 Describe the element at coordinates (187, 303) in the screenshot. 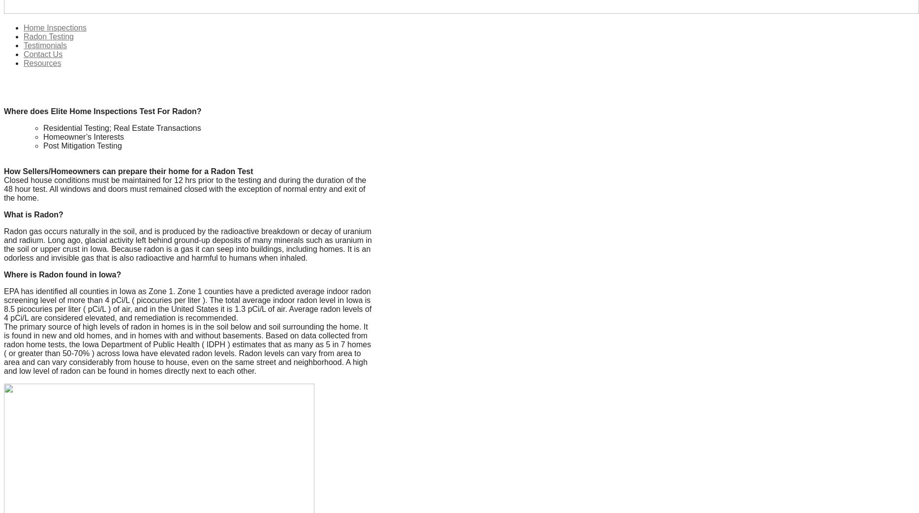

I see `'EPA has identified all counties in Iowa as Zone 1. Zone 1 counties have a predicted average indoor radon screening level of more than 4 pCi/L ( picocuries per liter ). The total average indoor radon level in Iowa is 8.5 picocuries per liter ( pCi/L ) of air, and in the United States it is 1.3 pCi/L of air. Average radon levels of 4 pCi/L are considered elevated, and remediation is recommended.'` at that location.